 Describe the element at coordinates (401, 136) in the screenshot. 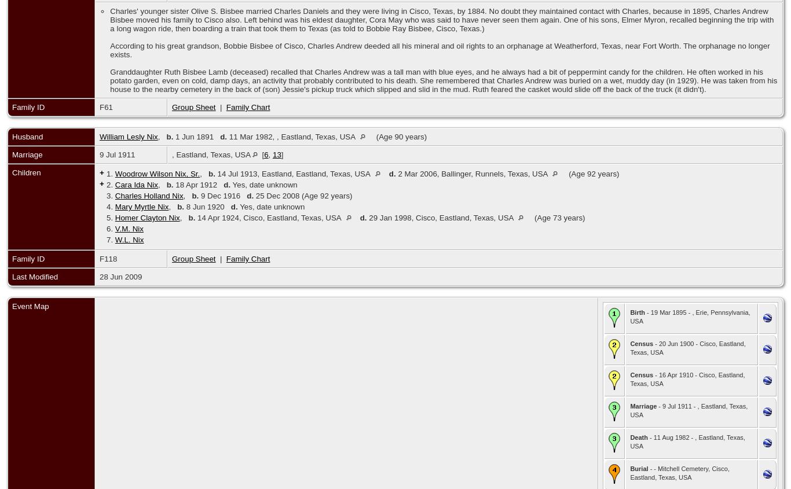

I see `'(Age 90 years)'` at that location.